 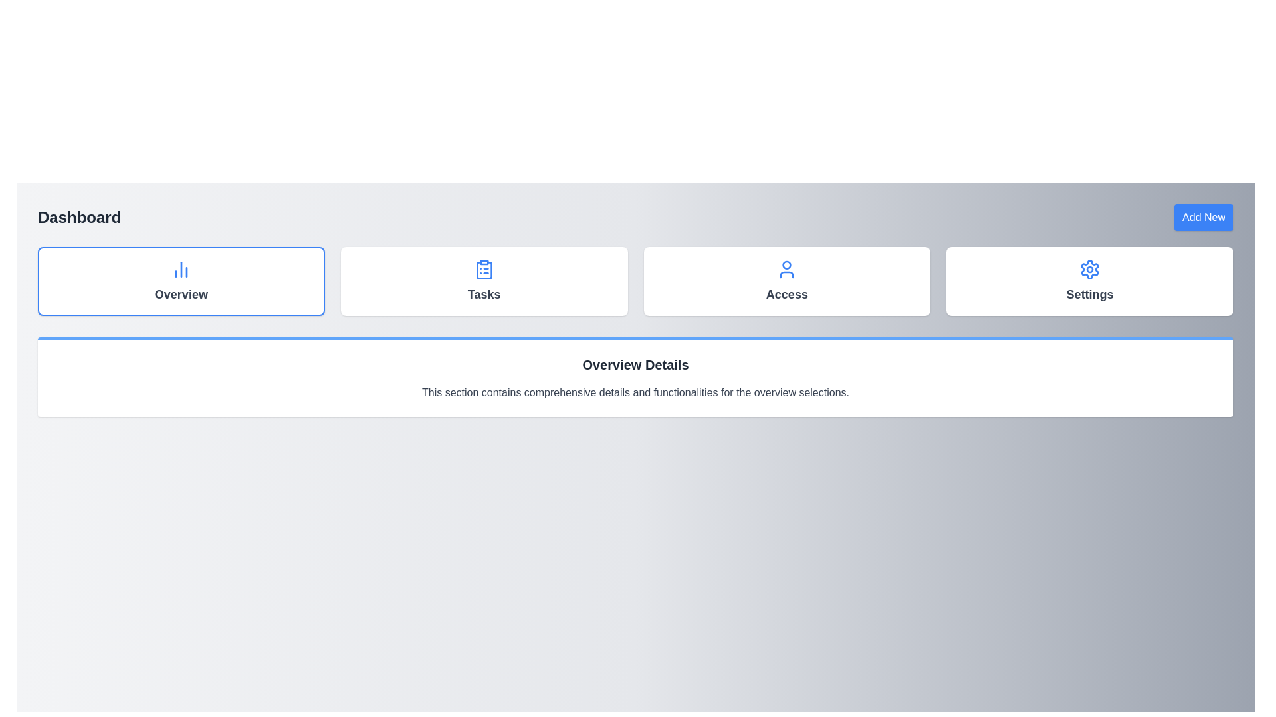 I want to click on the clipboard-style icon with a blue color scheme located above the 'Tasks' label in the dashboard interface, so click(x=483, y=270).